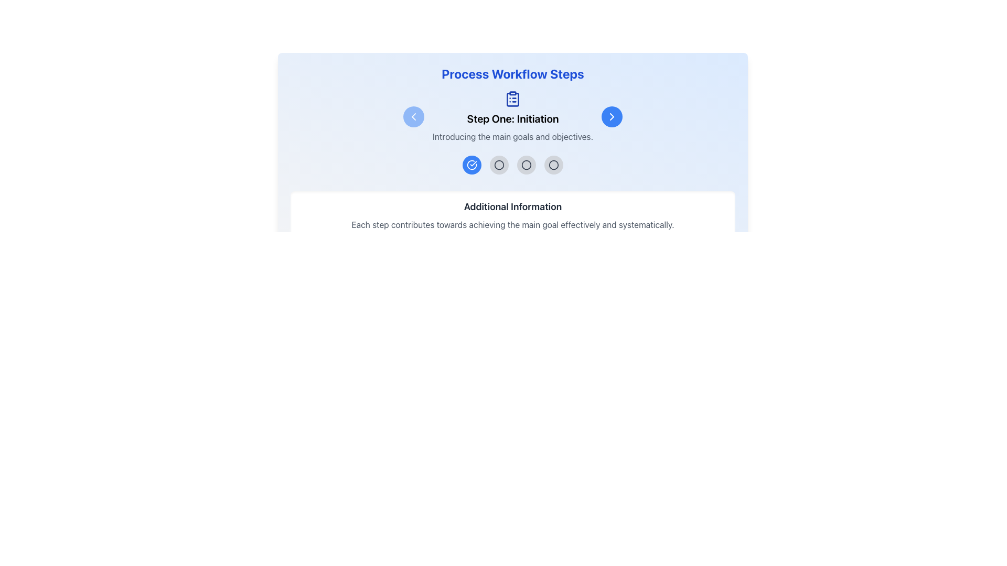  Describe the element at coordinates (513, 117) in the screenshot. I see `text content of the Informational Block that contains a blue clipboard icon, the title 'Step One: Initiation', and the description 'Introducing the main goals and objectives.'` at that location.